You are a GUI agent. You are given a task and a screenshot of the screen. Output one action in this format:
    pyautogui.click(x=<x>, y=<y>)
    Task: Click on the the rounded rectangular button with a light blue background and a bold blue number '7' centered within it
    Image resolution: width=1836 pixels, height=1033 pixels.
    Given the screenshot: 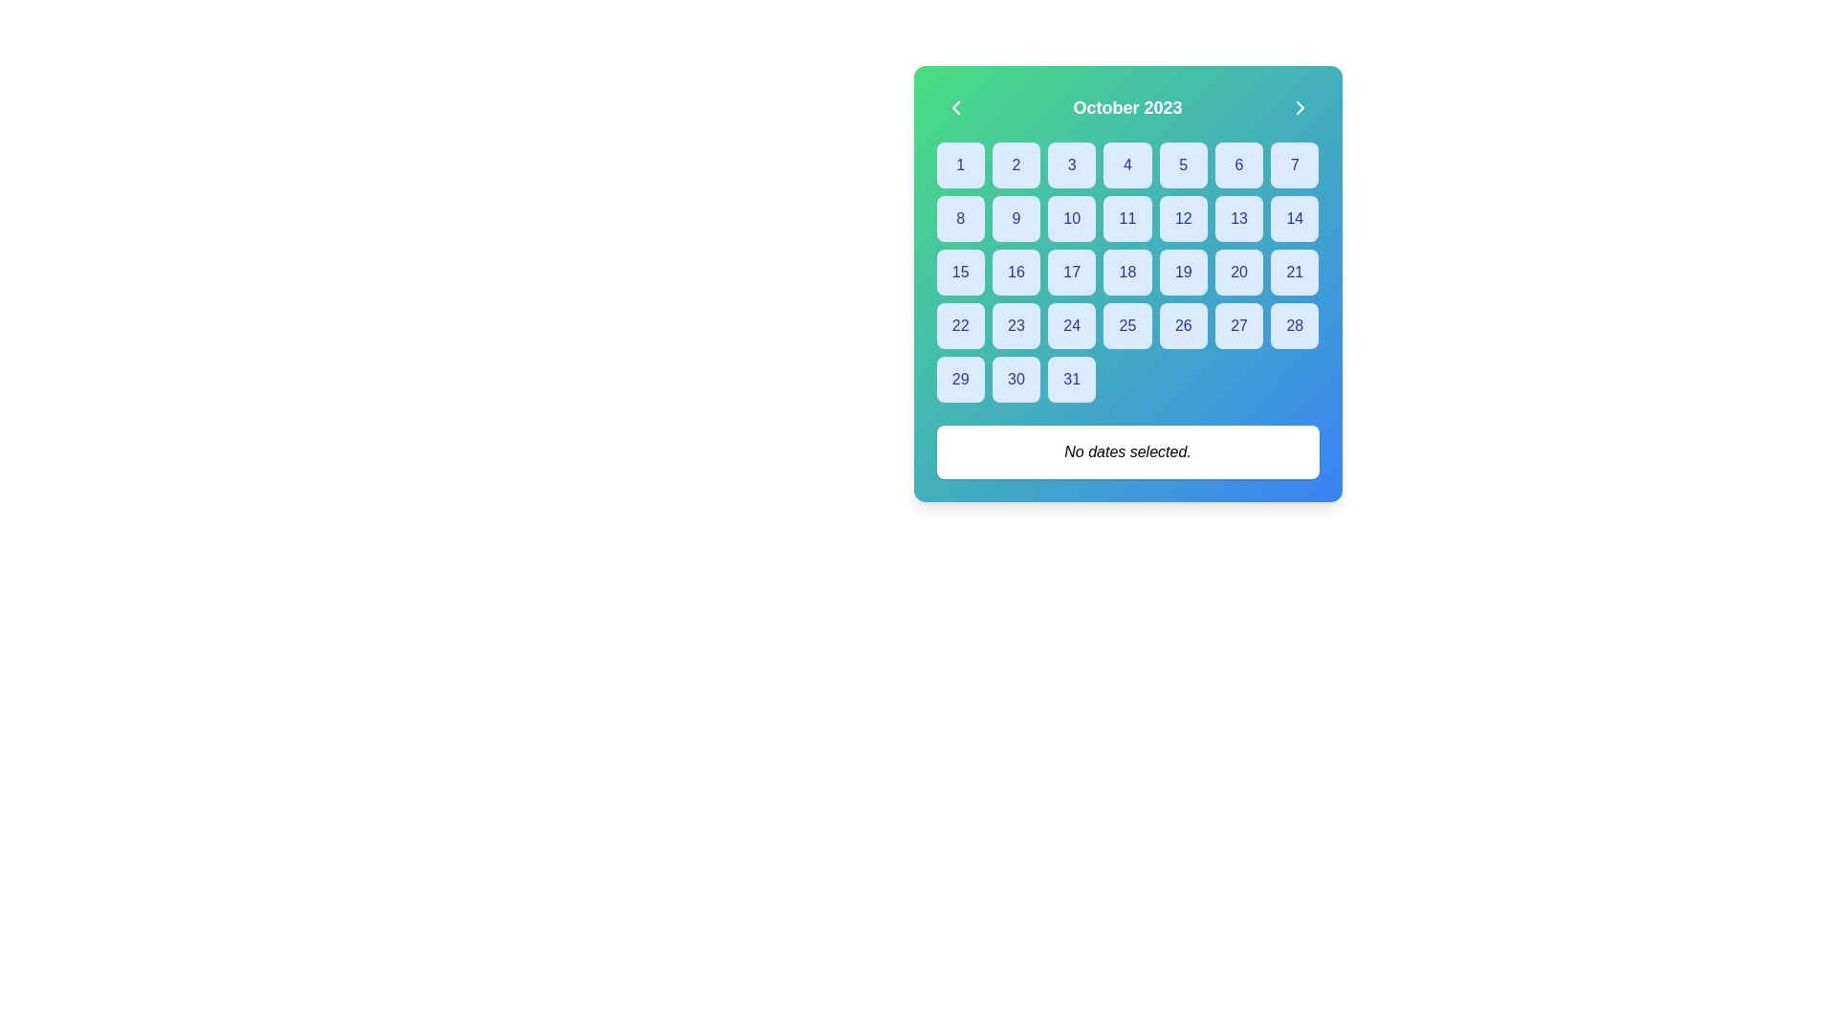 What is the action you would take?
    pyautogui.click(x=1295, y=165)
    